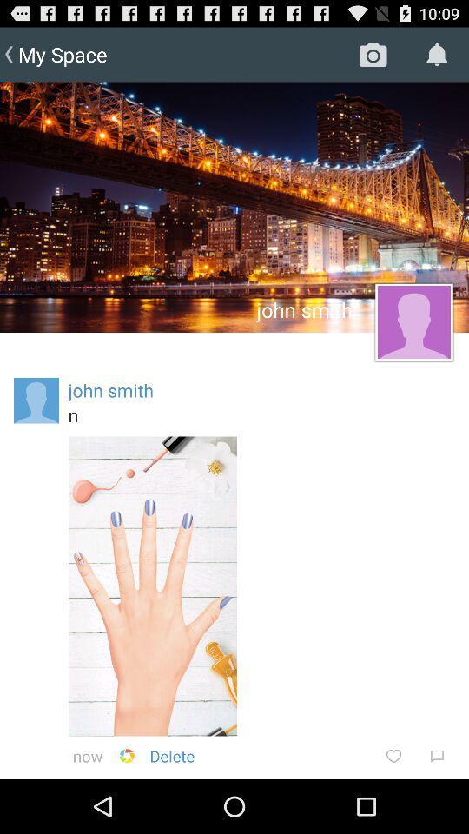 This screenshot has width=469, height=834. Describe the element at coordinates (152, 586) in the screenshot. I see `the image` at that location.